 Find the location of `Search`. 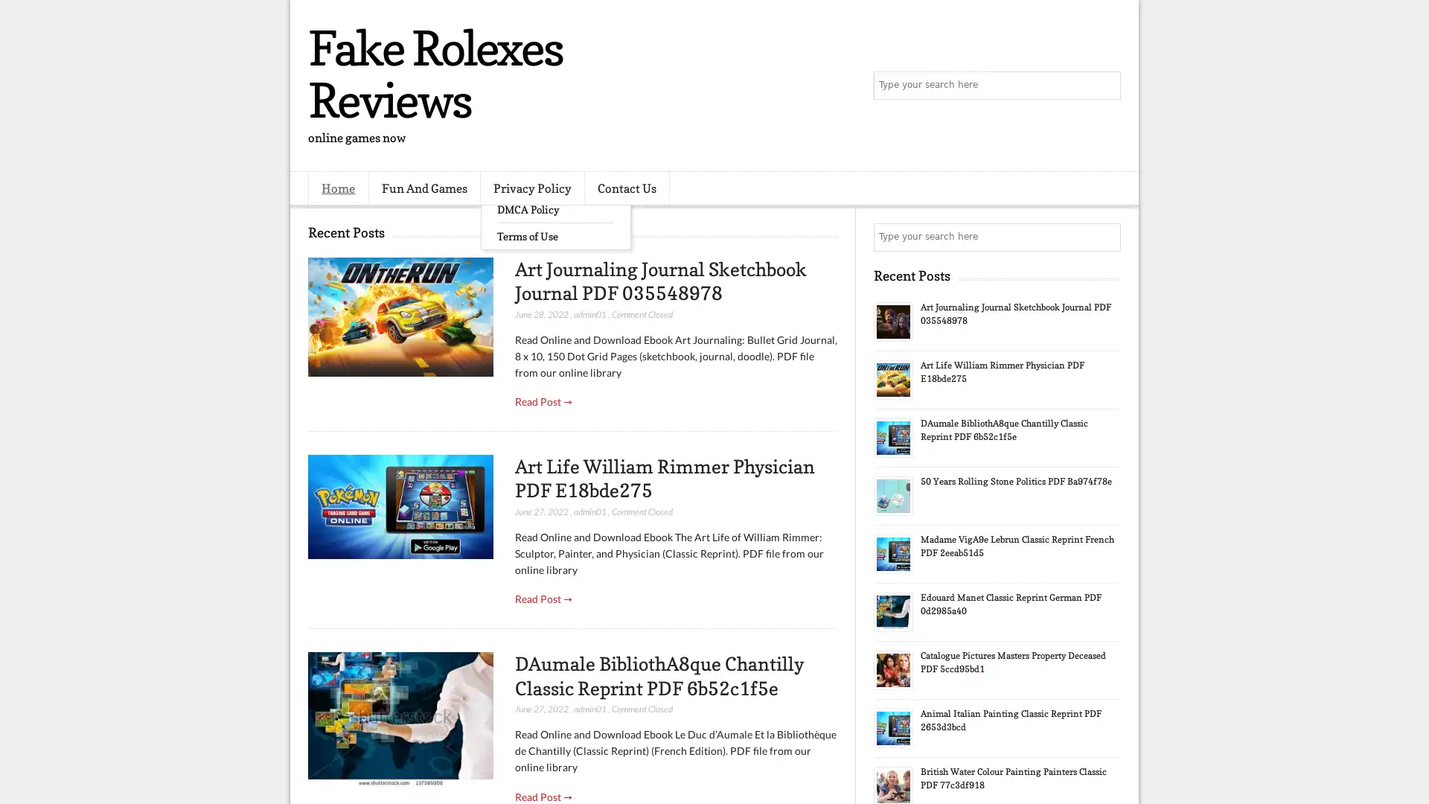

Search is located at coordinates (1105, 86).